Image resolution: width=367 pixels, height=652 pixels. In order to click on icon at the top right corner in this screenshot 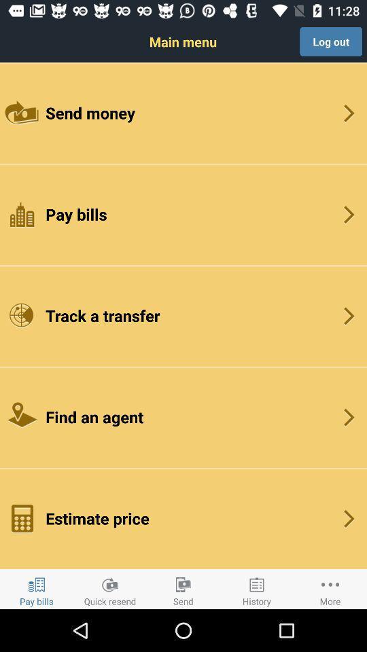, I will do `click(330, 41)`.